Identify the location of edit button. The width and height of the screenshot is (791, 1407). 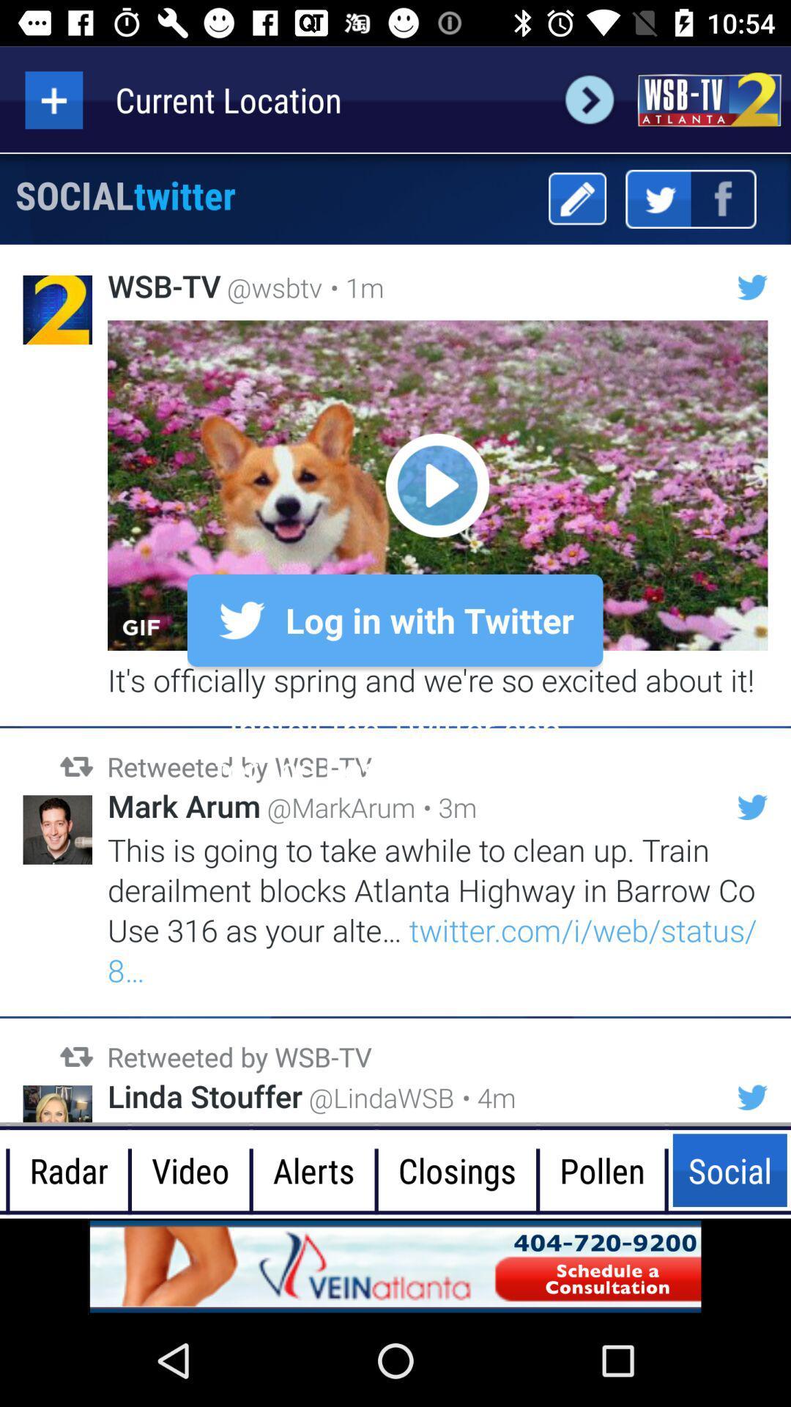
(576, 198).